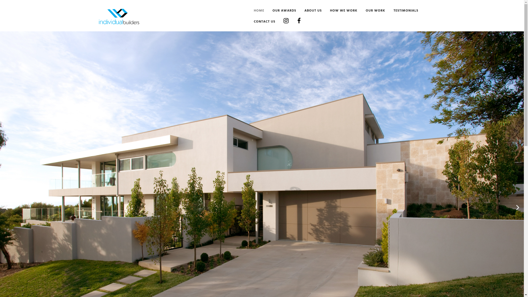  What do you see at coordinates (371, 11) in the screenshot?
I see `'OUR WORK'` at bounding box center [371, 11].